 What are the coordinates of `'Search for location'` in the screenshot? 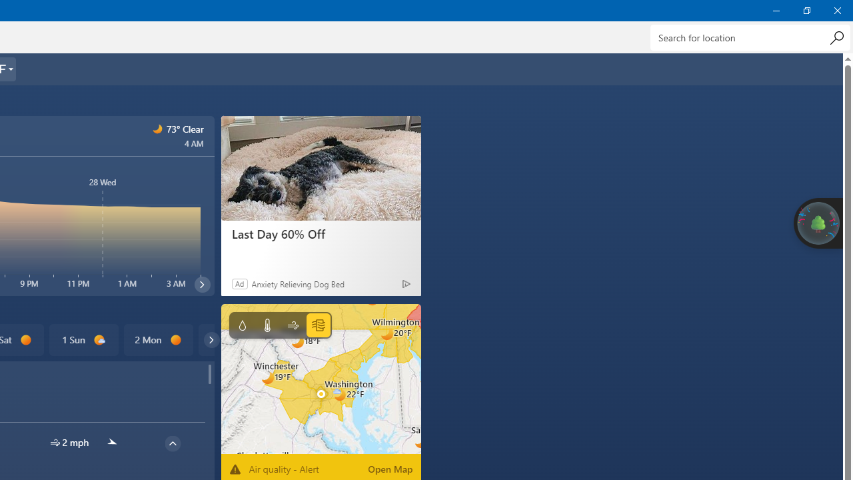 It's located at (750, 37).